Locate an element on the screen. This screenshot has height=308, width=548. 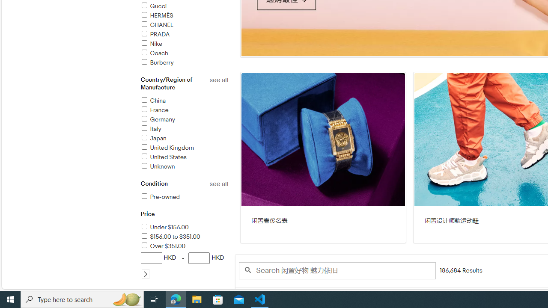
'Under $156.00' is located at coordinates (184, 227).